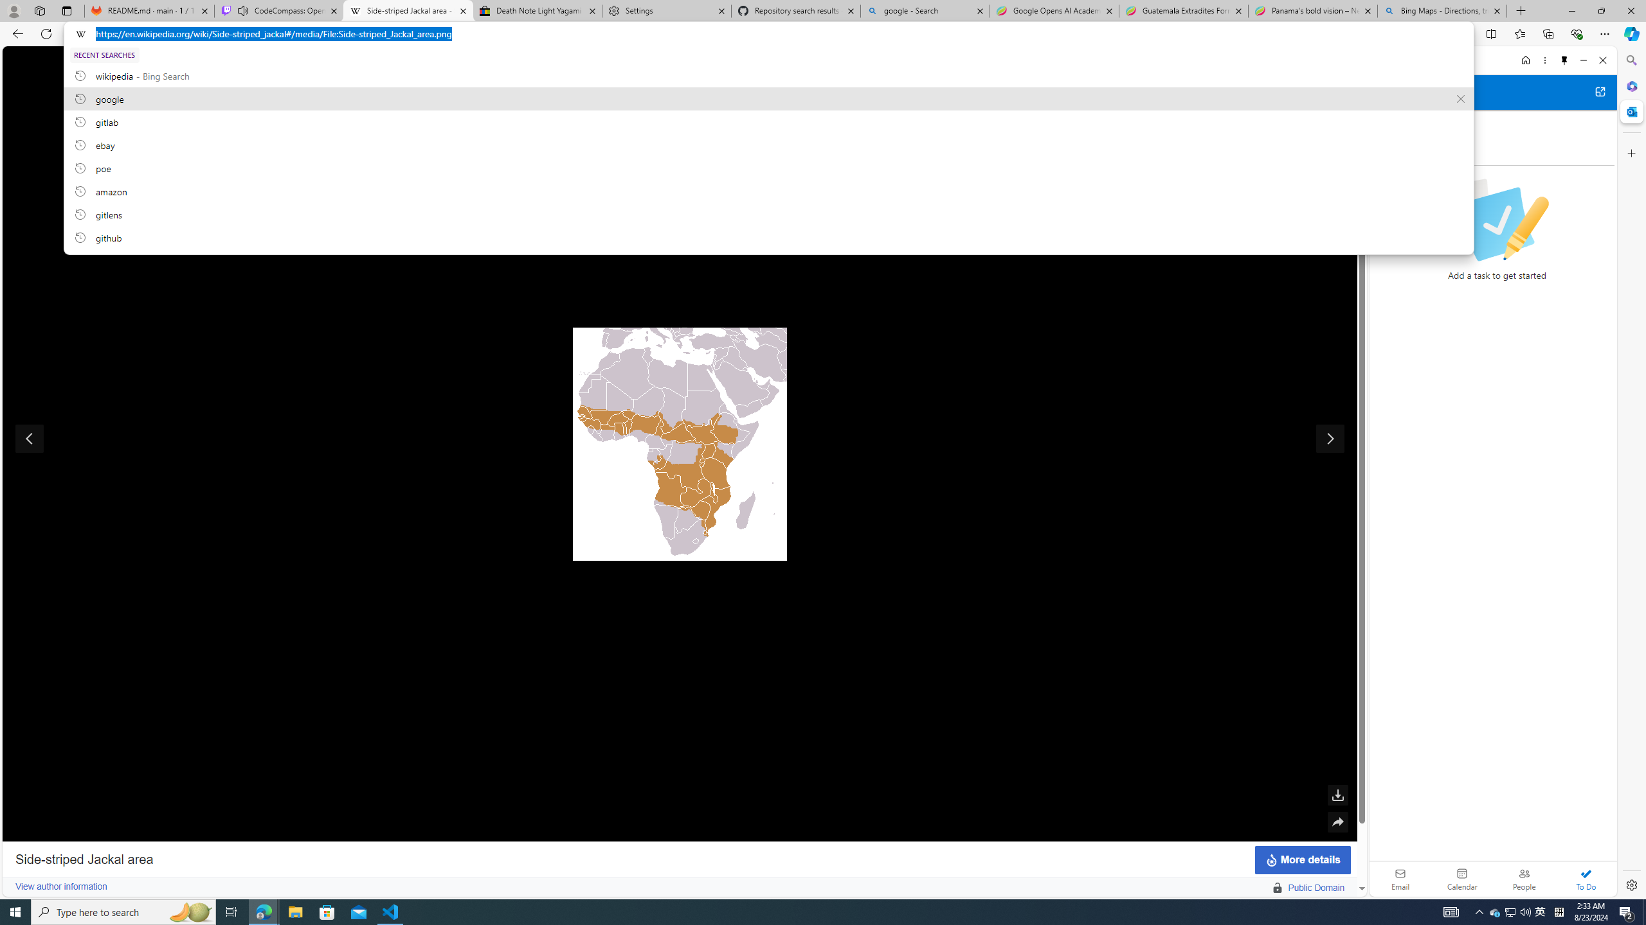  I want to click on 'Show previous image', so click(29, 438).